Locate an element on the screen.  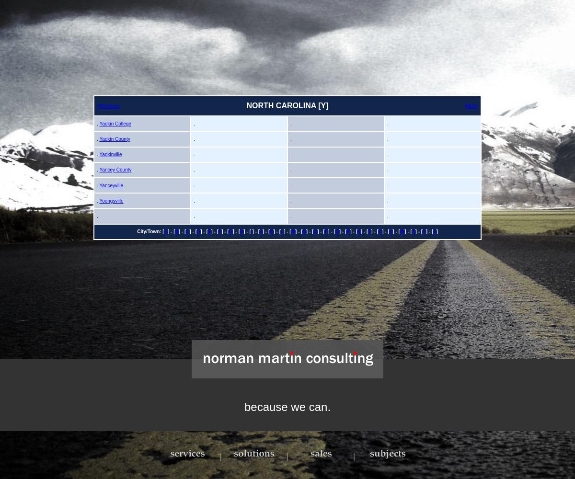
'NORTH CAROLINA [Y]' is located at coordinates (245, 105).